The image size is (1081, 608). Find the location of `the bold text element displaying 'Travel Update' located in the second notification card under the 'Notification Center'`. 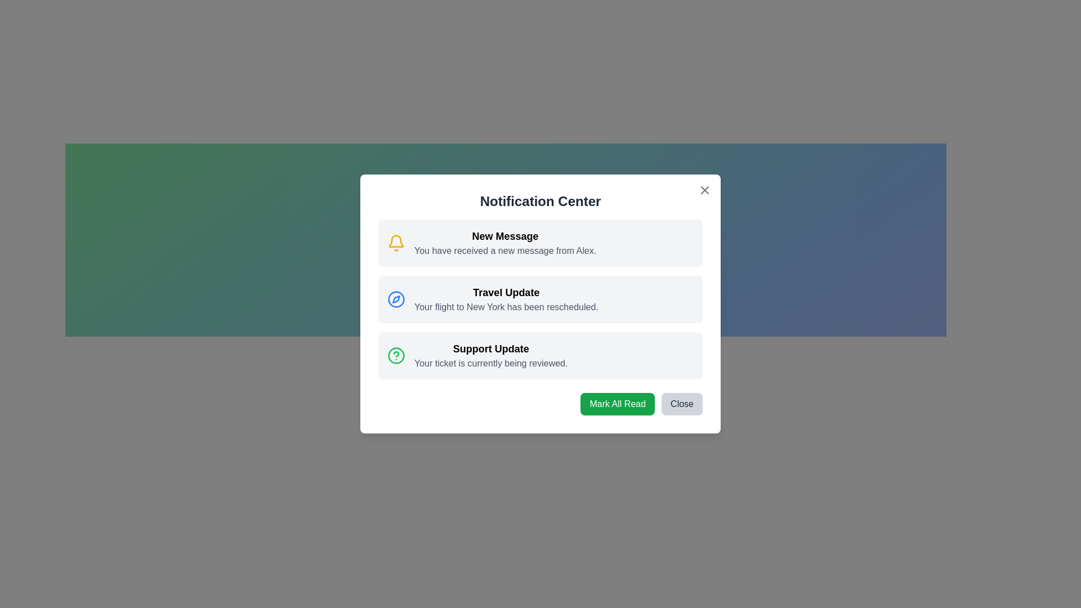

the bold text element displaying 'Travel Update' located in the second notification card under the 'Notification Center' is located at coordinates (506, 292).